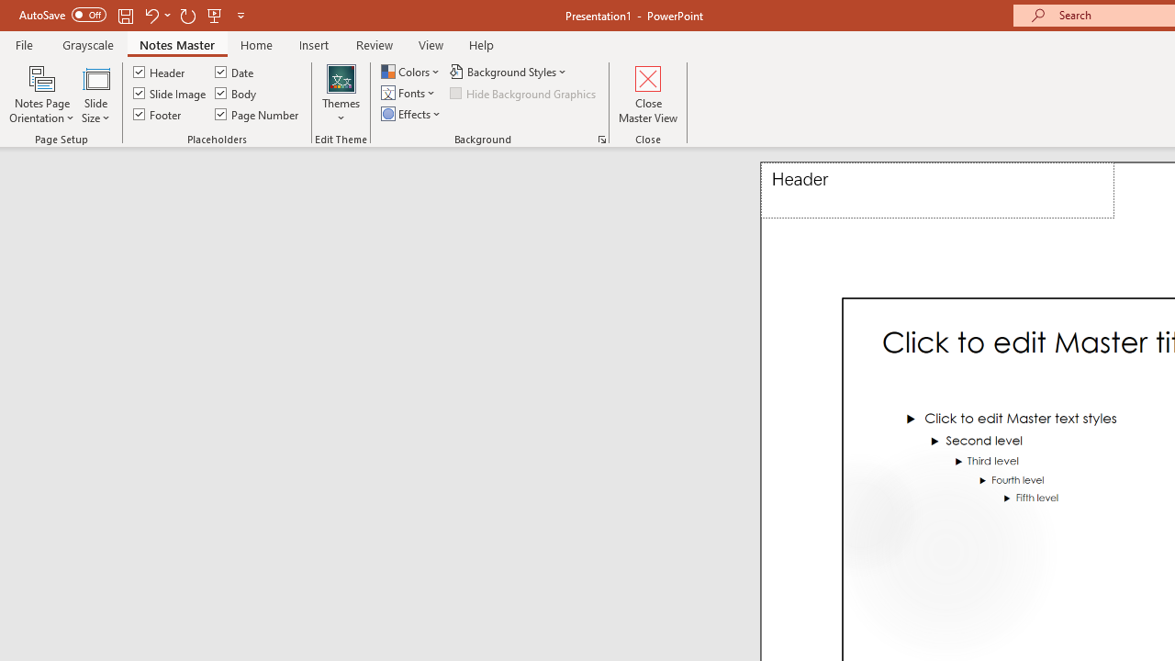 This screenshot has height=661, width=1175. I want to click on 'Slide Image', so click(171, 93).